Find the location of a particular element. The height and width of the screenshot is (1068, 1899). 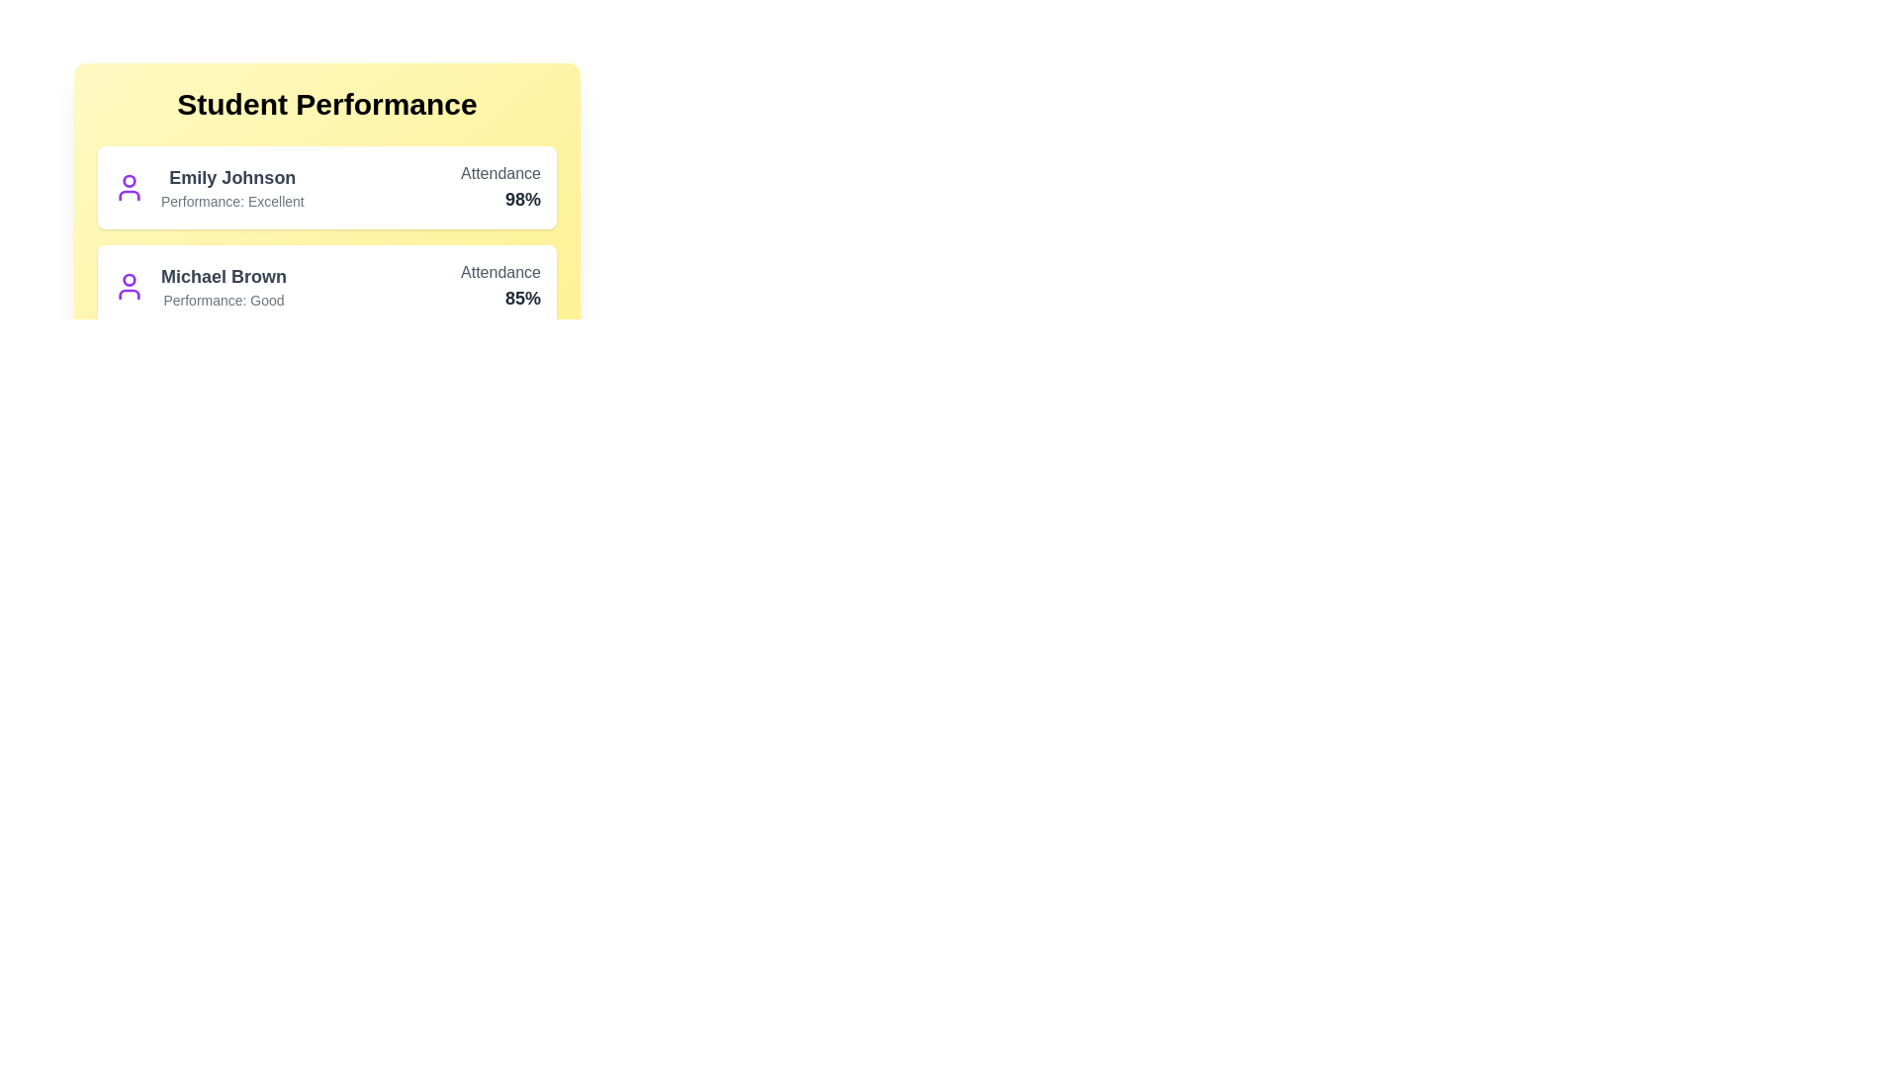

the avatar of the student Emily Johnson to view their tooltip is located at coordinates (128, 187).